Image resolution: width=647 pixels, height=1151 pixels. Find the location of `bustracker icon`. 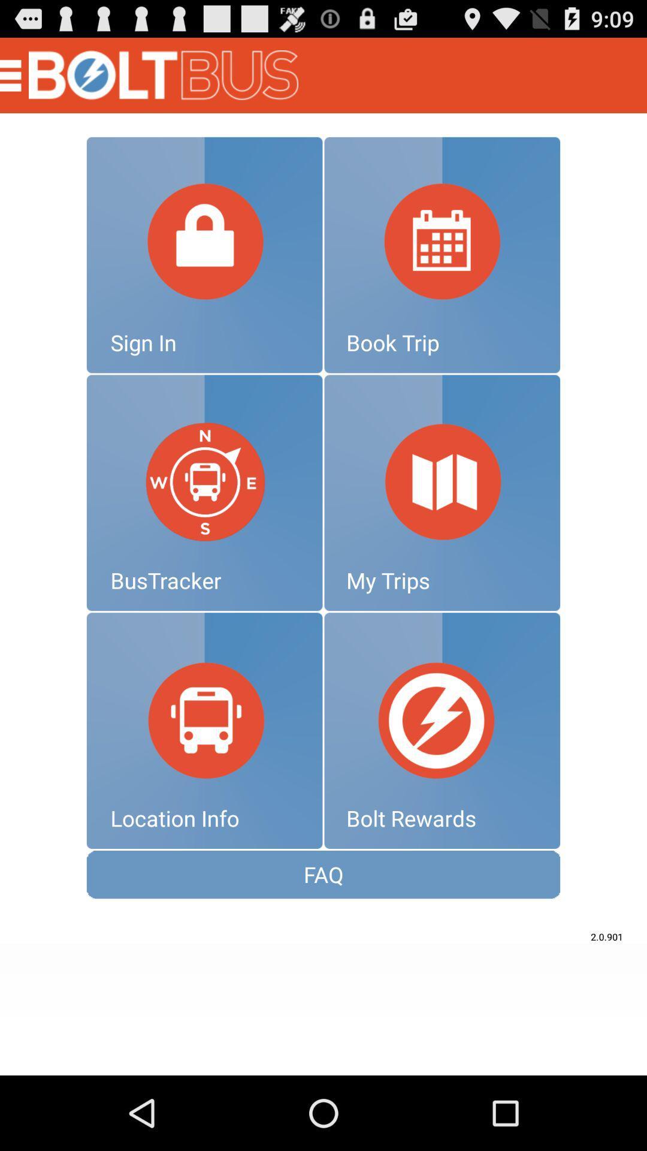

bustracker icon is located at coordinates (204, 493).